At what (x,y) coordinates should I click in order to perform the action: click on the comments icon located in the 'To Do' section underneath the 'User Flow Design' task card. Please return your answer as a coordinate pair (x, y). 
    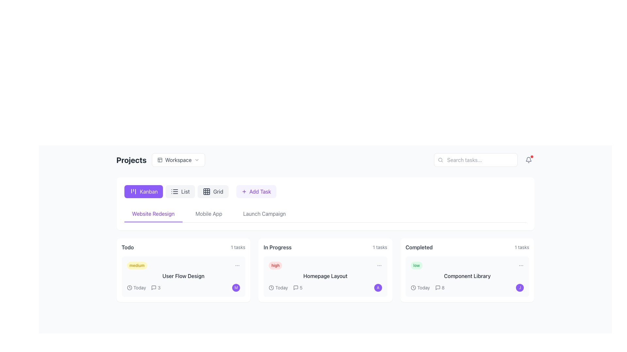
    Looking at the image, I should click on (153, 287).